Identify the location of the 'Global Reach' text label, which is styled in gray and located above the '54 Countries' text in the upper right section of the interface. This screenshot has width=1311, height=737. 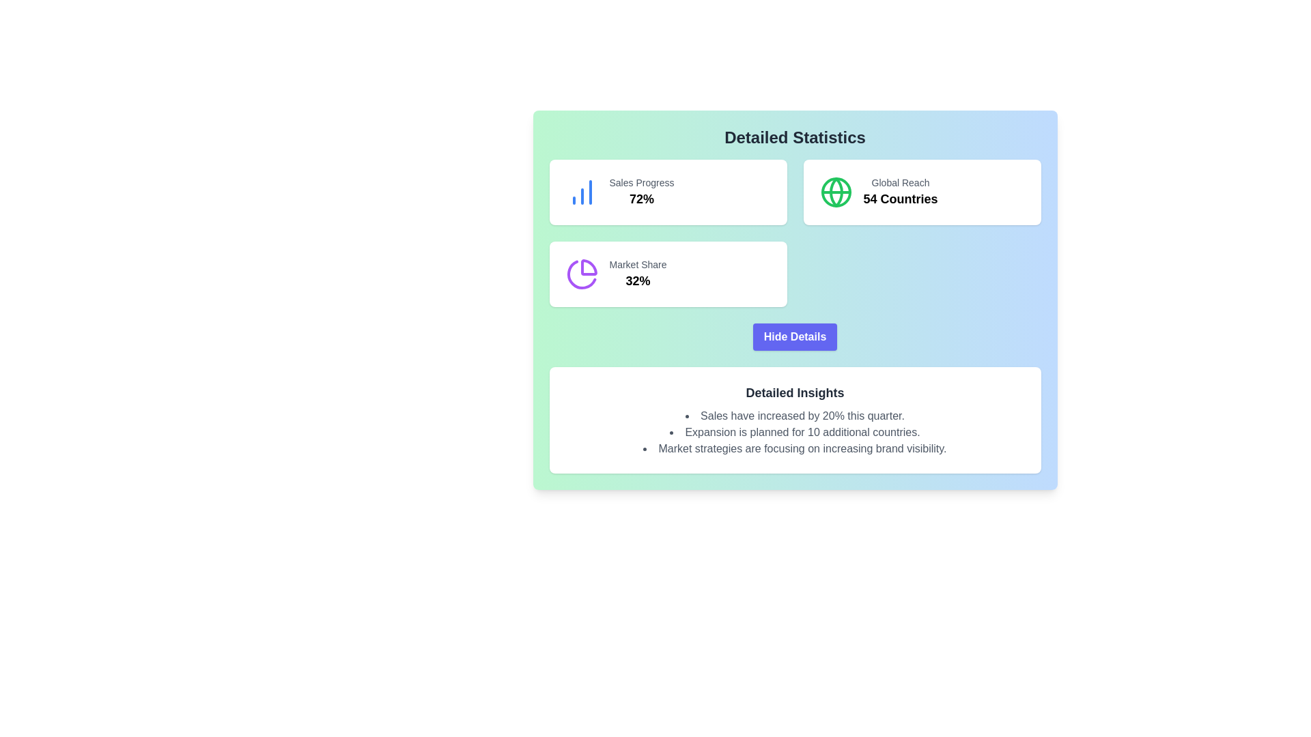
(901, 182).